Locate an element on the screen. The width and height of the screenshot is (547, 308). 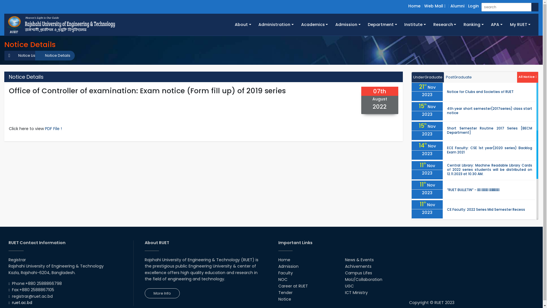
'Tender' is located at coordinates (278, 293).